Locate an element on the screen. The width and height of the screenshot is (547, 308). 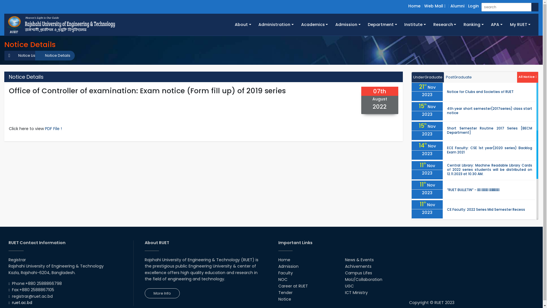
'Tender' is located at coordinates (278, 293).